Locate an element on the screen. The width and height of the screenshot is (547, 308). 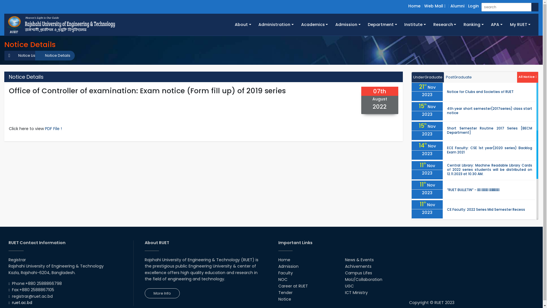
'Tender' is located at coordinates (278, 293).